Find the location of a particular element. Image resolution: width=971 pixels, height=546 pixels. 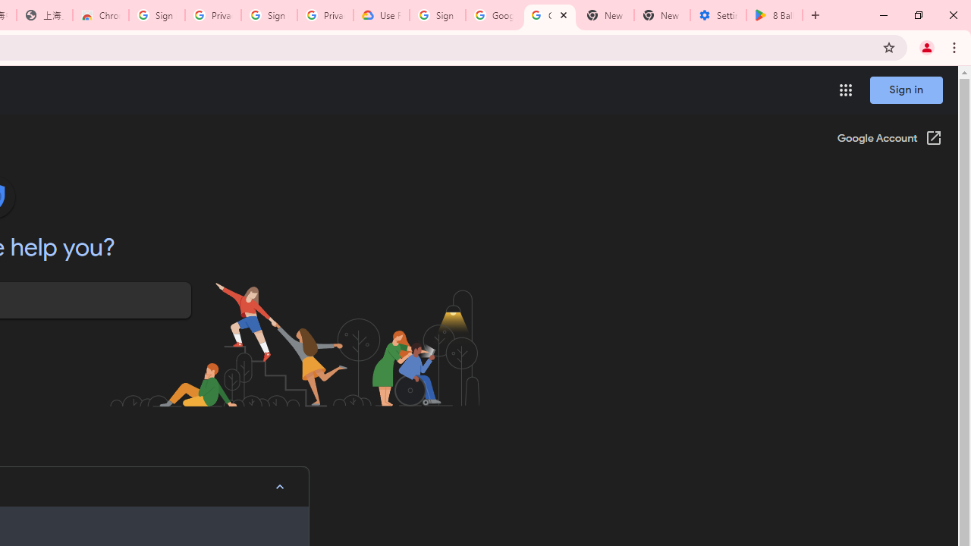

'Google Account (Open in a new window)' is located at coordinates (890, 139).